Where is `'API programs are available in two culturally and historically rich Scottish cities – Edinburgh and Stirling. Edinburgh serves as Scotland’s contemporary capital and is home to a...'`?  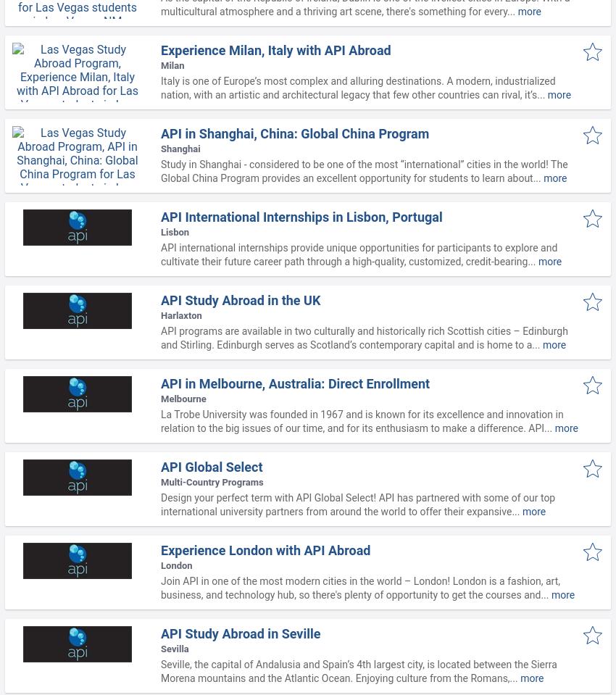
'API programs are available in two culturally and historically rich Scottish cities – Edinburgh and Stirling. Edinburgh serves as Scotland’s contemporary capital and is home to a...' is located at coordinates (364, 337).